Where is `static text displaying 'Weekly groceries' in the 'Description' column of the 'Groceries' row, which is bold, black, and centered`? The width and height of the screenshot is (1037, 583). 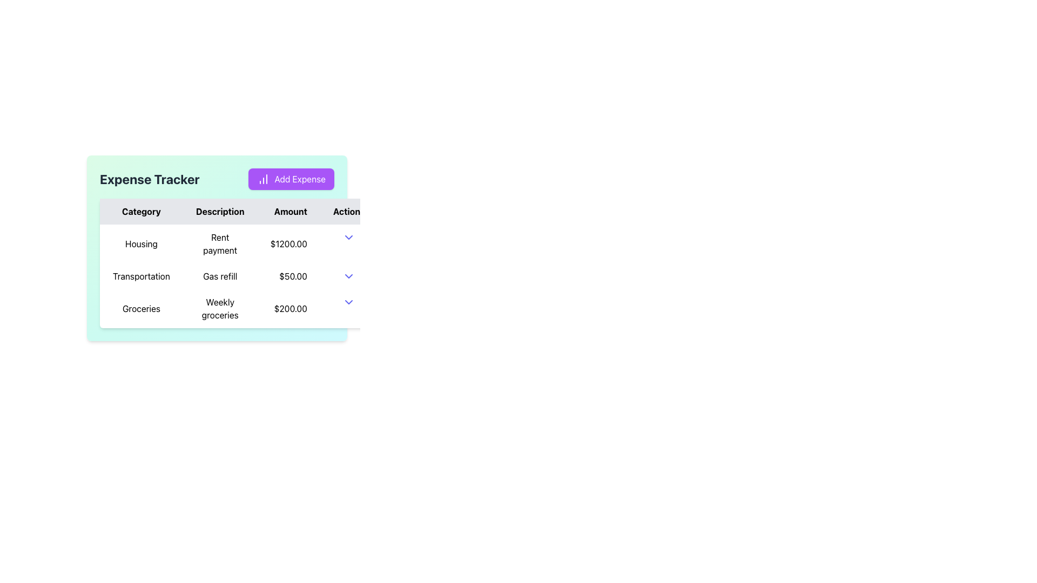
static text displaying 'Weekly groceries' in the 'Description' column of the 'Groceries' row, which is bold, black, and centered is located at coordinates (219, 308).